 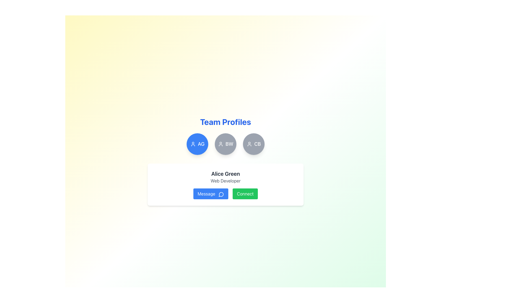 I want to click on the circular button labeled 'BW' with a white user-shaped icon and bold white uppercase letters, located, so click(x=226, y=144).